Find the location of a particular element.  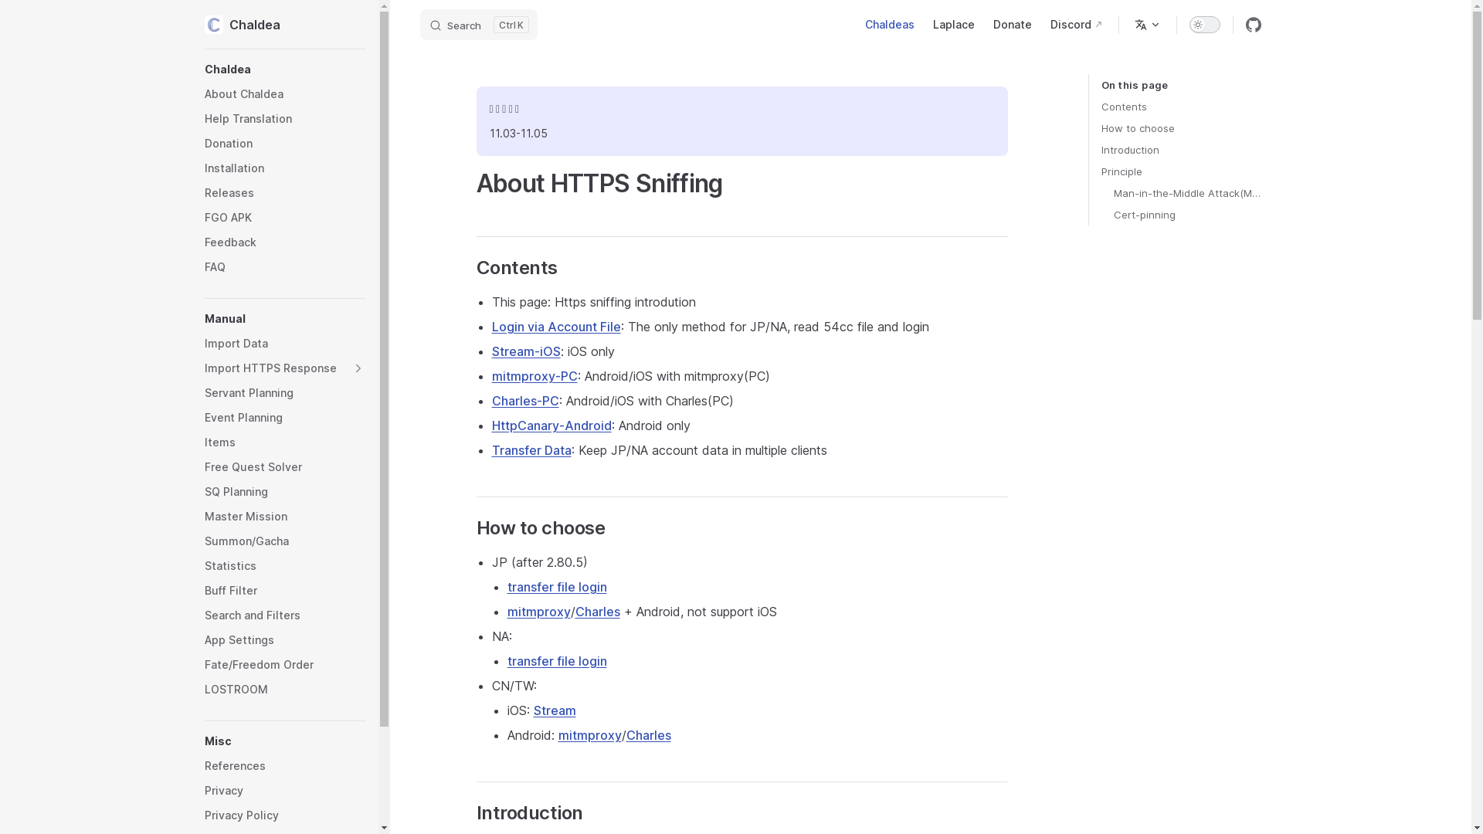

'Summon/Gacha' is located at coordinates (284, 541).